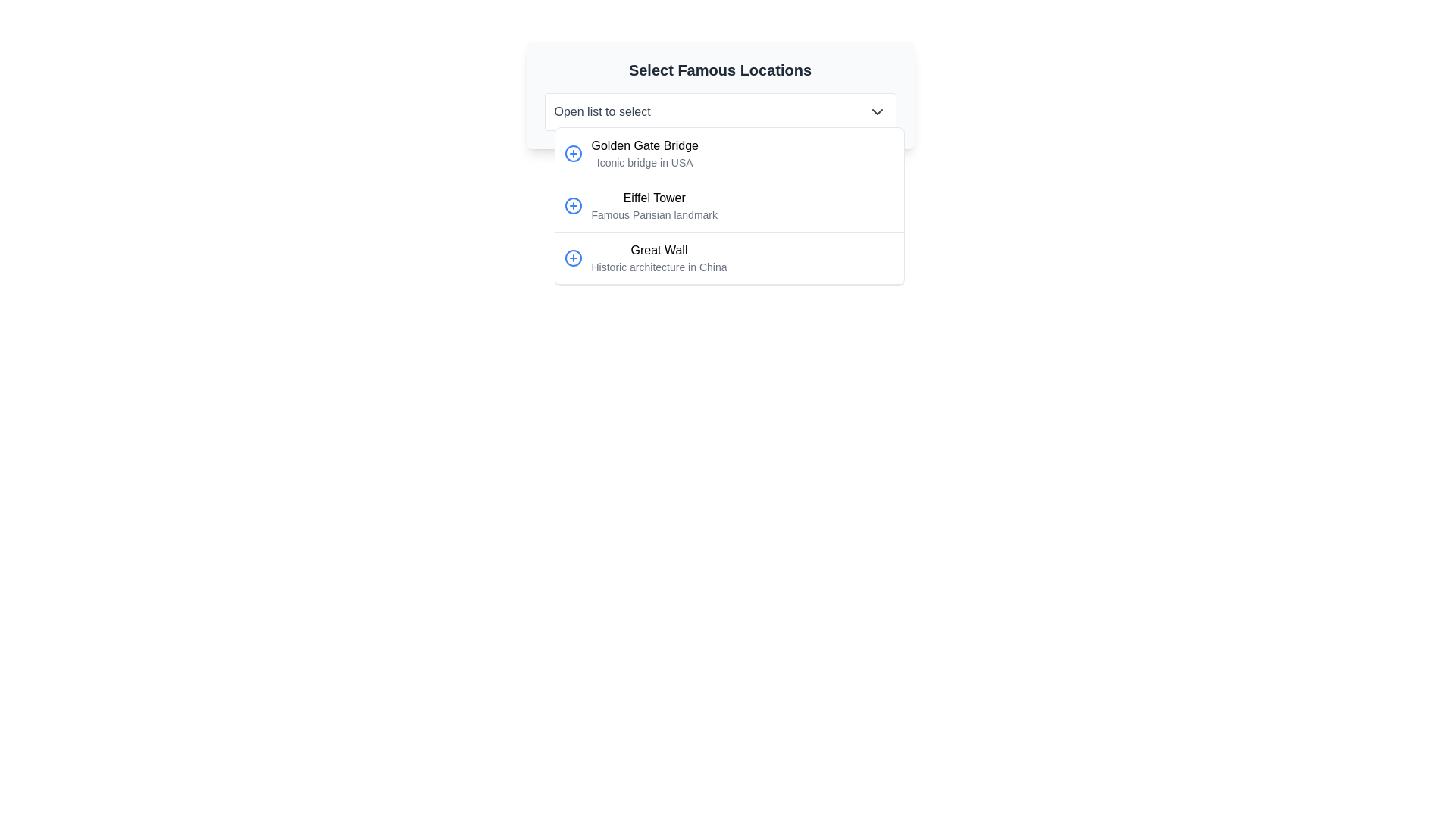 The height and width of the screenshot is (818, 1455). Describe the element at coordinates (654, 206) in the screenshot. I see `the list item containing descriptive text about the Eiffel Tower in the dropdown list titled 'Select Famous Locations'` at that location.